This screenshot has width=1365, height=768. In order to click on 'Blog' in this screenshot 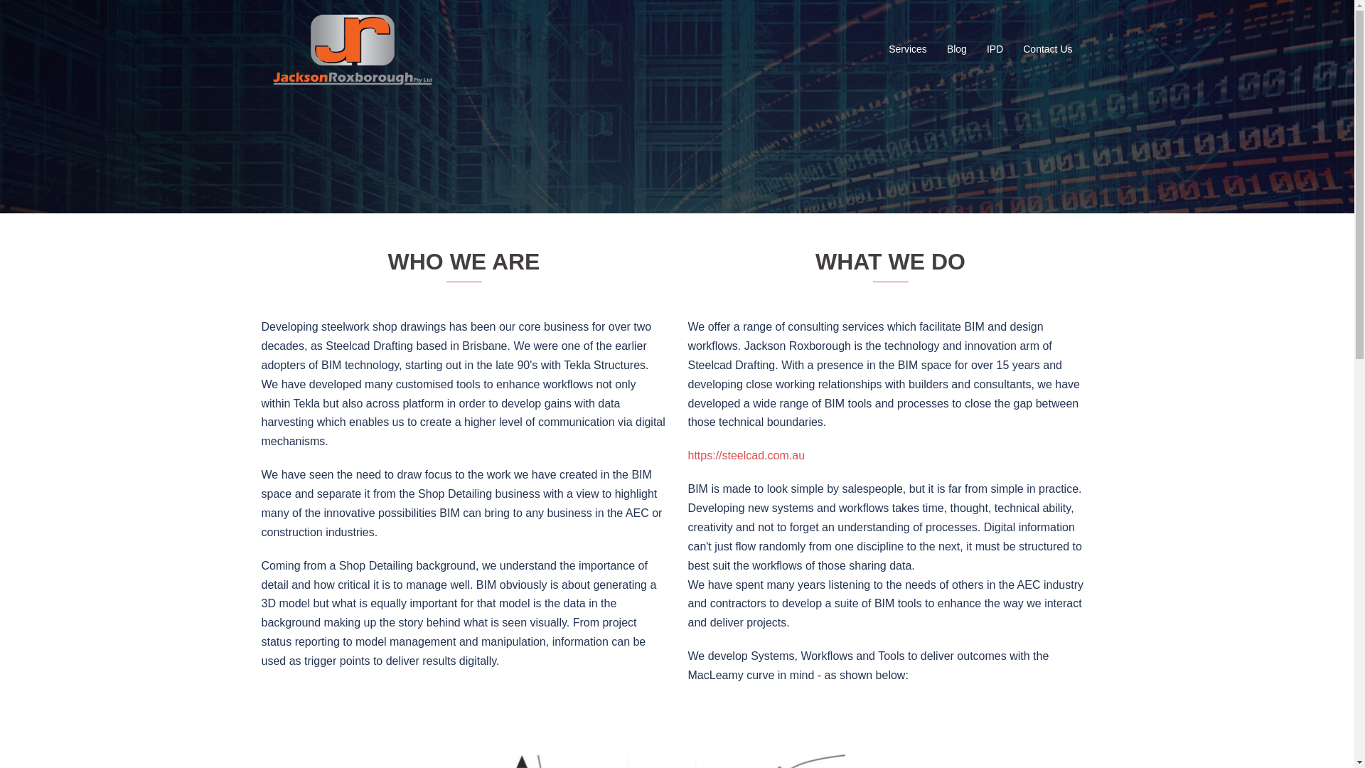, I will do `click(956, 48)`.